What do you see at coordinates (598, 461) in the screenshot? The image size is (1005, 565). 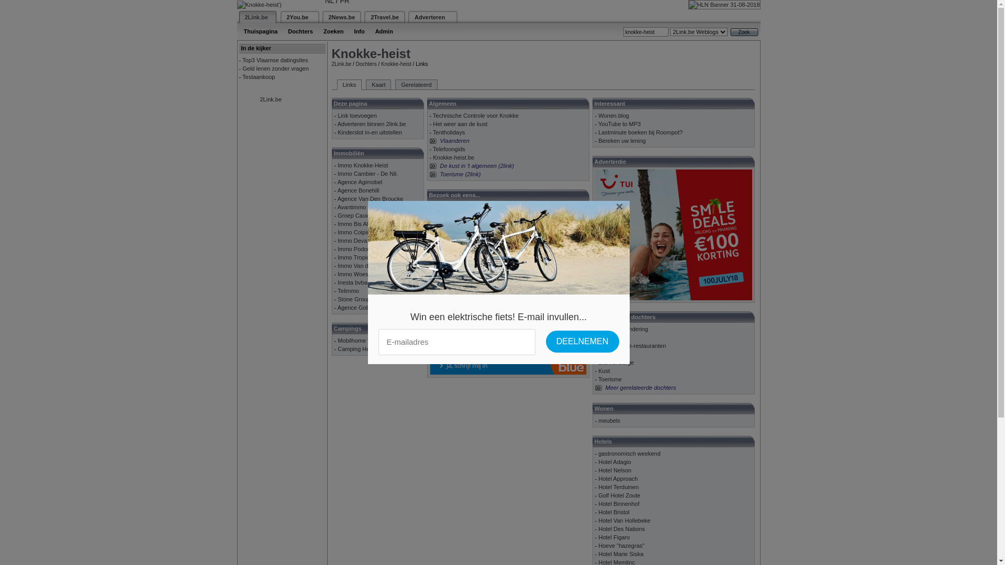 I see `'Hotel Adagio'` at bounding box center [598, 461].